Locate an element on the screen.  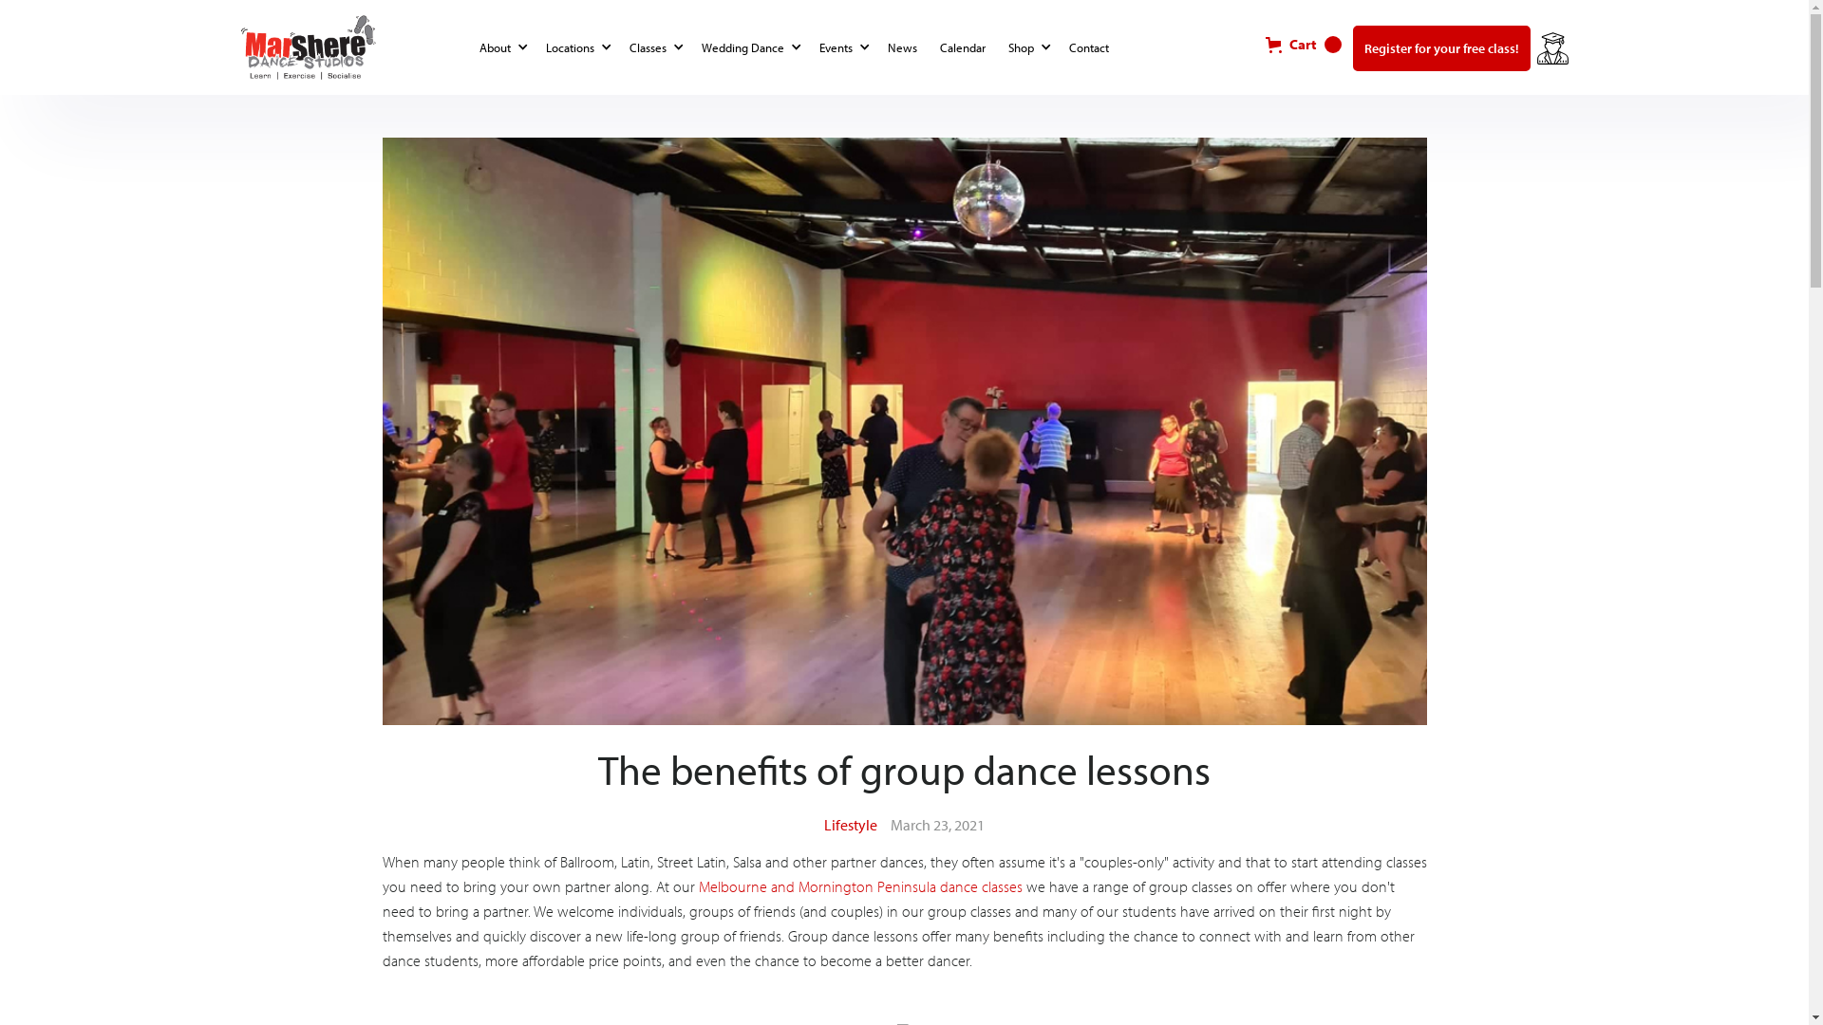
'Cart' is located at coordinates (1253, 43).